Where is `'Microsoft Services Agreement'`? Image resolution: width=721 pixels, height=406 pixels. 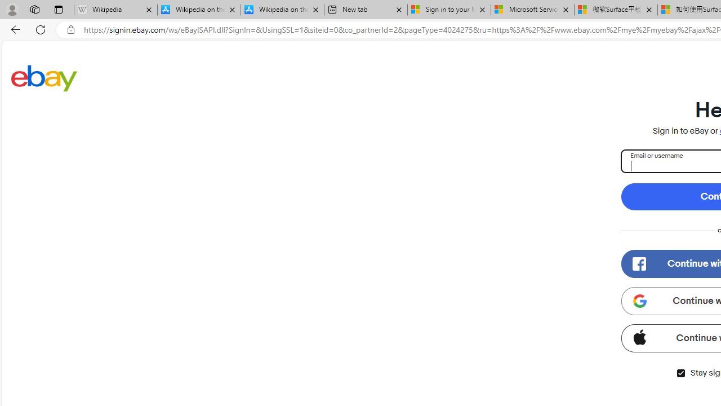
'Microsoft Services Agreement' is located at coordinates (532, 10).